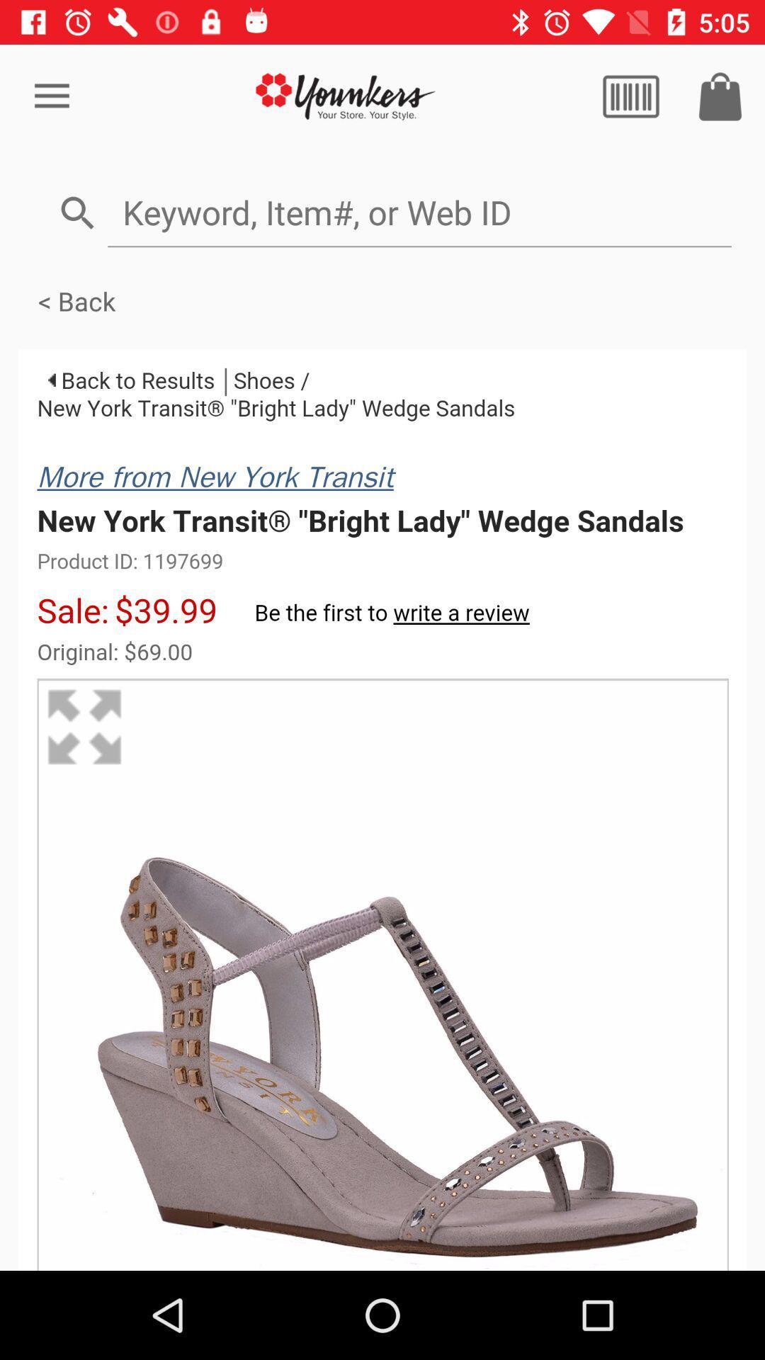  I want to click on shopping tool, so click(720, 96).